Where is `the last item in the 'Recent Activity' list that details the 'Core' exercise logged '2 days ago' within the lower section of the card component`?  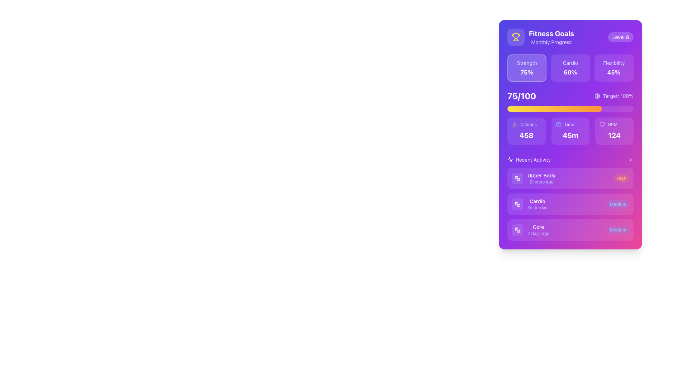 the last item in the 'Recent Activity' list that details the 'Core' exercise logged '2 days ago' within the lower section of the card component is located at coordinates (530, 230).